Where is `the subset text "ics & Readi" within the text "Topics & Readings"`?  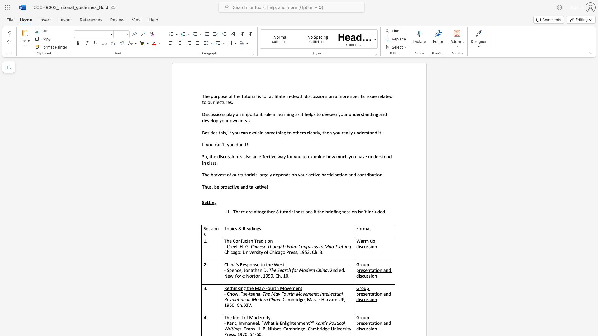
the subset text "ics & Readi" within the text "Topics & Readings" is located at coordinates (231, 228).